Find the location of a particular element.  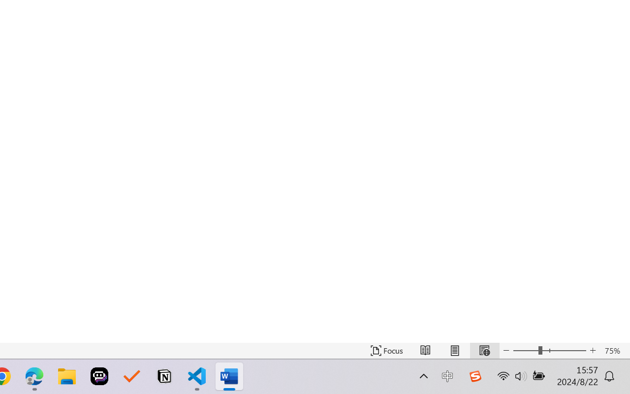

'Print Layout' is located at coordinates (454, 350).